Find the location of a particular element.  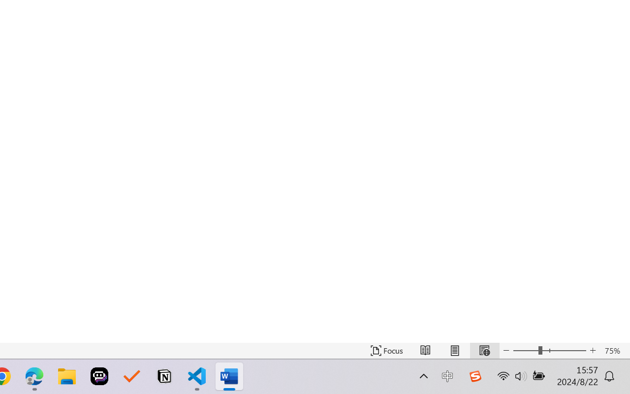

'Print Layout' is located at coordinates (454, 350).